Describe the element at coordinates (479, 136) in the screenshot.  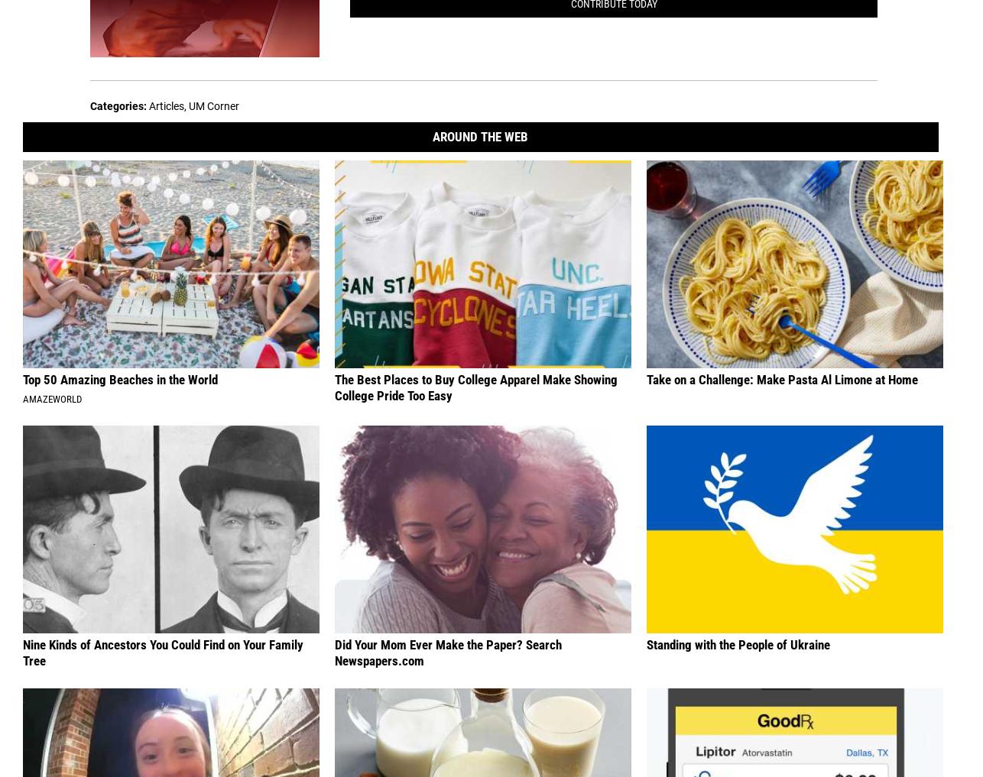
I see `'Around The Web'` at that location.